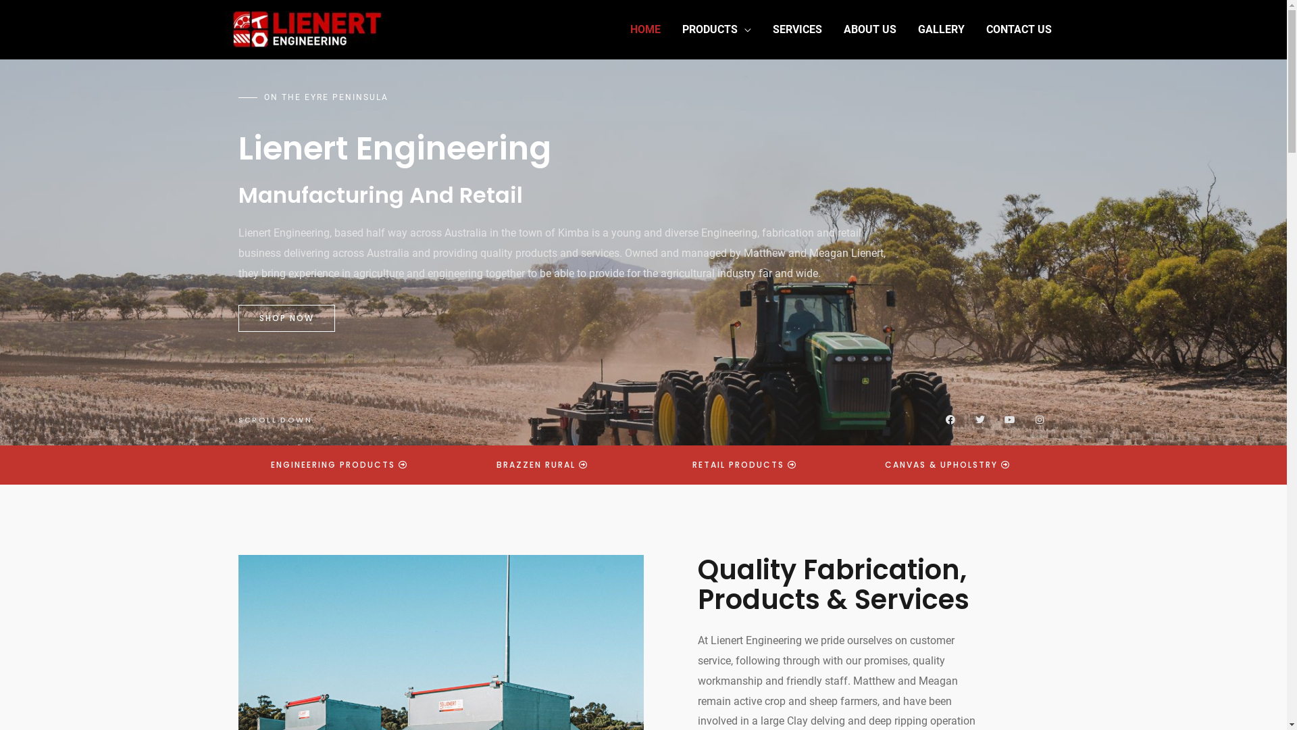 The height and width of the screenshot is (730, 1297). I want to click on 'ENGINEERING PRODUCTS', so click(339, 464).